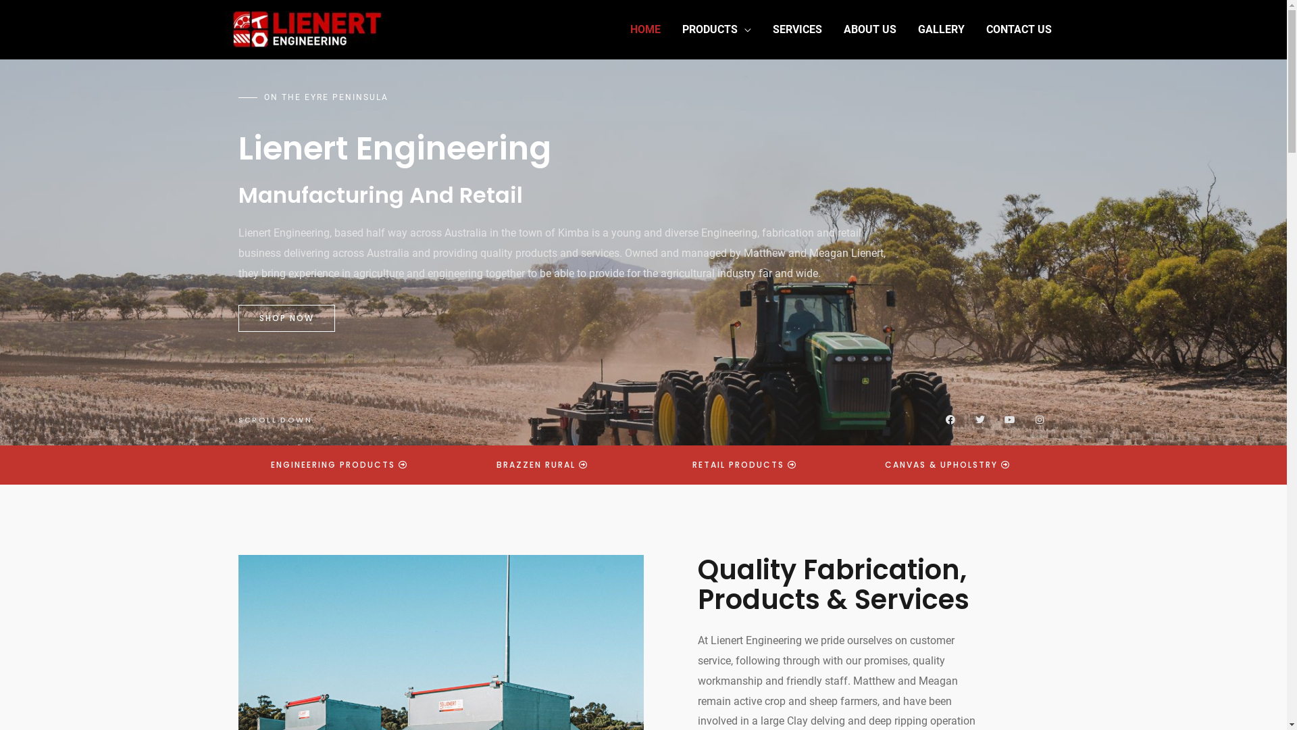 The height and width of the screenshot is (730, 1297). I want to click on 'ENGINEERING PRODUCTS', so click(339, 464).